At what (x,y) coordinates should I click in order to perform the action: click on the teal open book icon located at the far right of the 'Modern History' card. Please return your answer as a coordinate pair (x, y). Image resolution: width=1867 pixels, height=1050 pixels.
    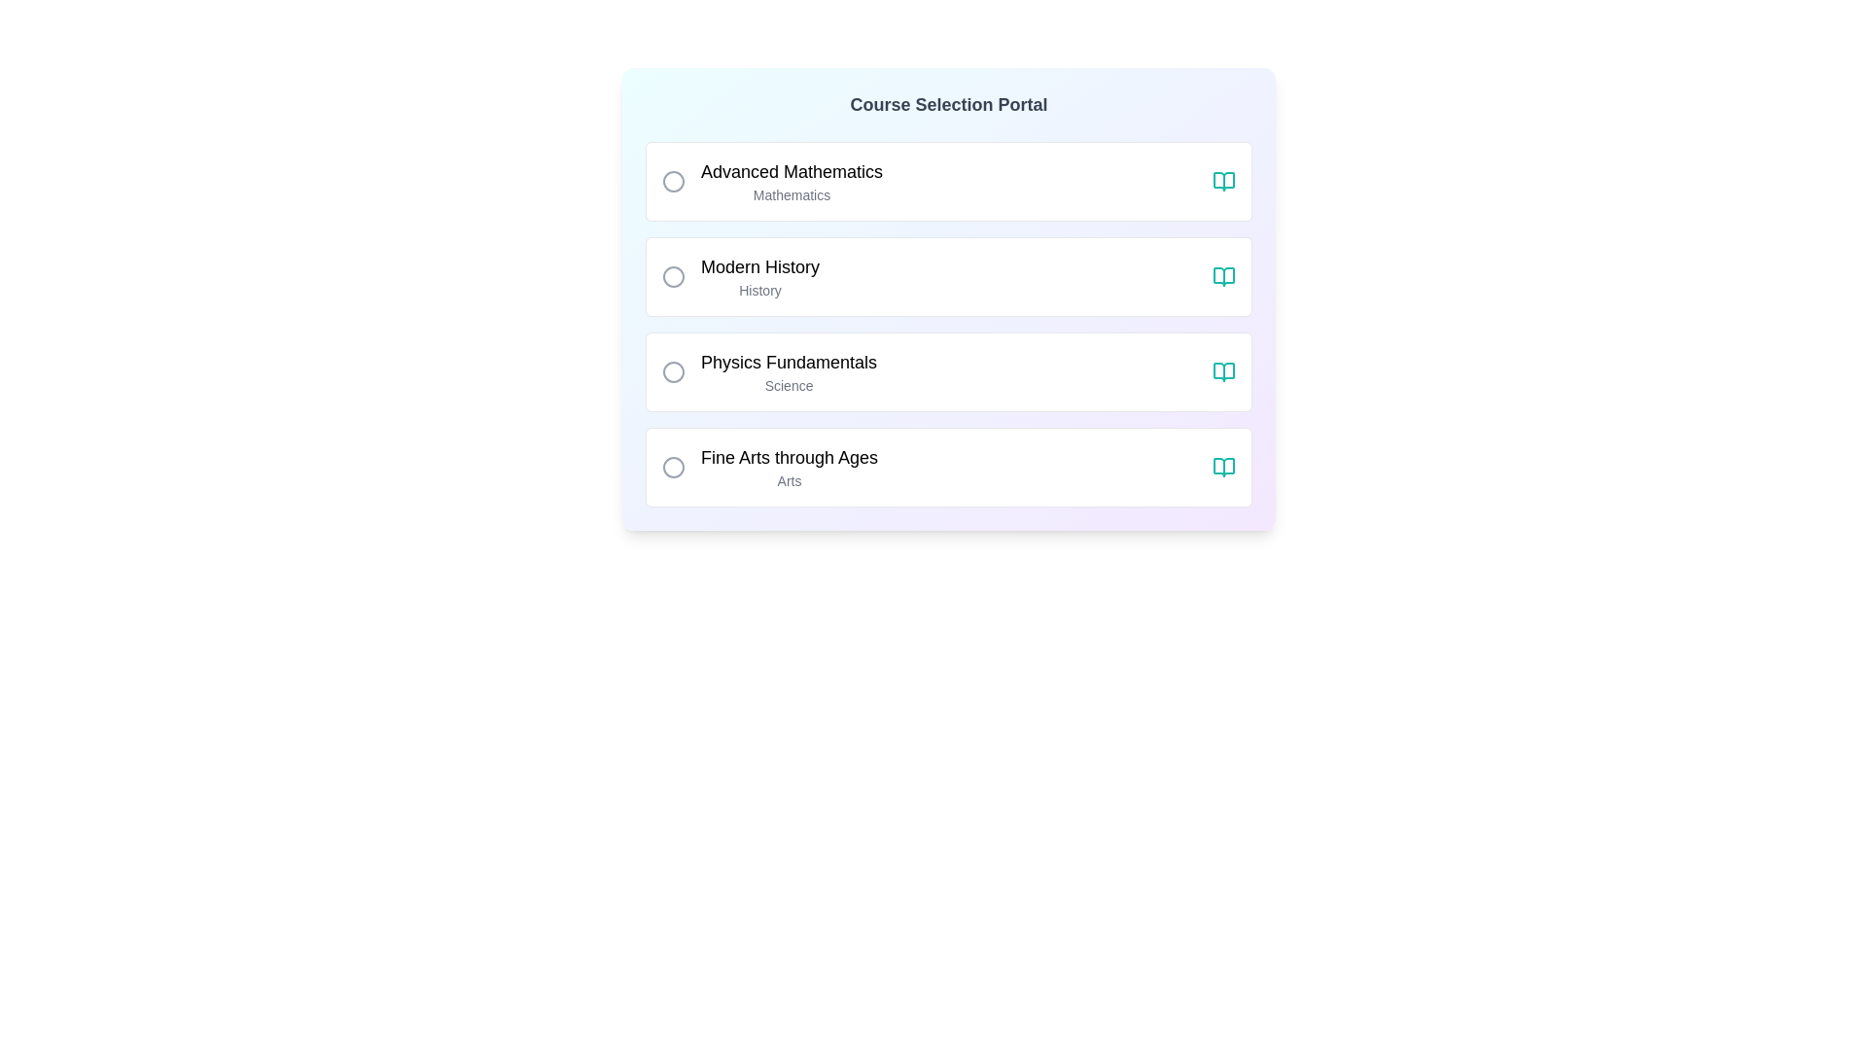
    Looking at the image, I should click on (1222, 277).